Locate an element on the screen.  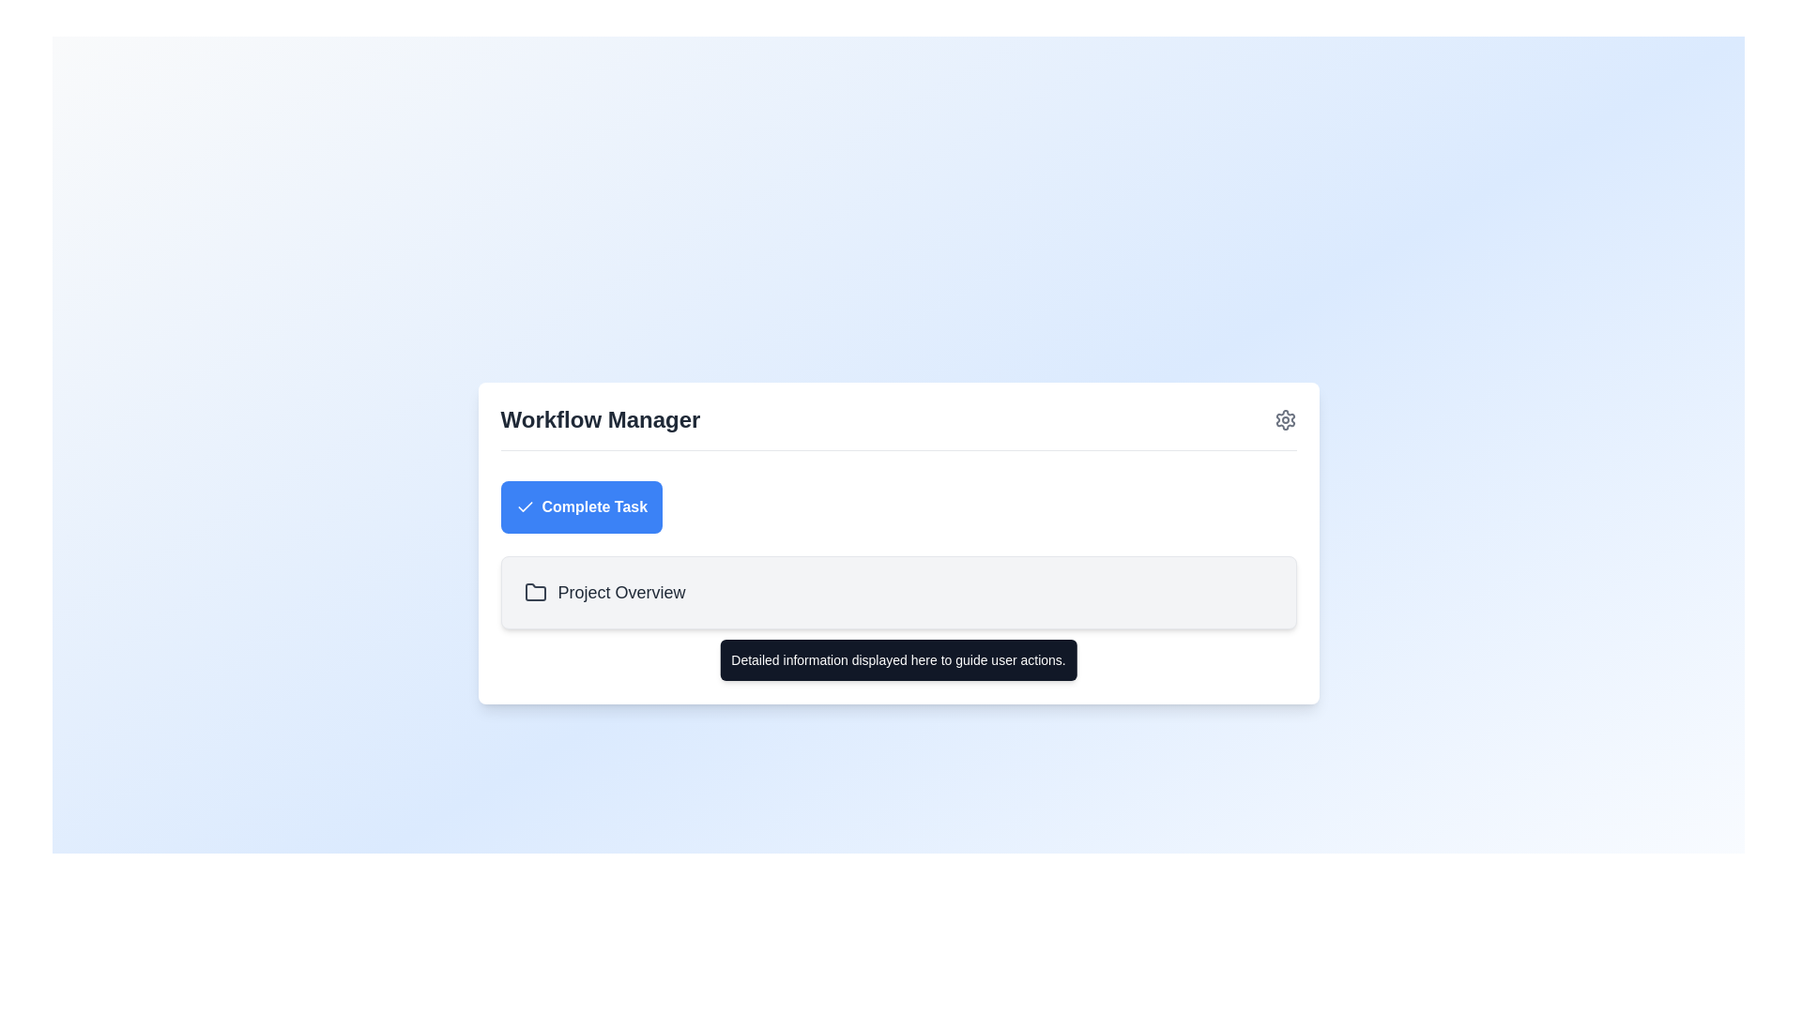
the settings icon, which is a cog-like design located at the top-right corner of the 'Workflow Manager' panel, to initiate a settings or configuration-related action is located at coordinates (1284, 418).